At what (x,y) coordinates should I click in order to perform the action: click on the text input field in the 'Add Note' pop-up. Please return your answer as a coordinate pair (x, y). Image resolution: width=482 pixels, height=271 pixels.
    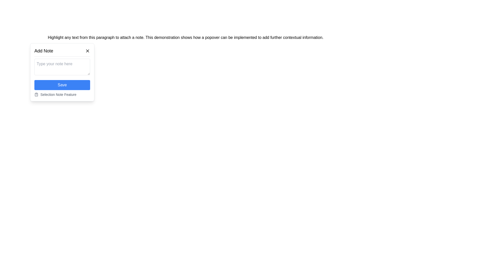
    Looking at the image, I should click on (62, 66).